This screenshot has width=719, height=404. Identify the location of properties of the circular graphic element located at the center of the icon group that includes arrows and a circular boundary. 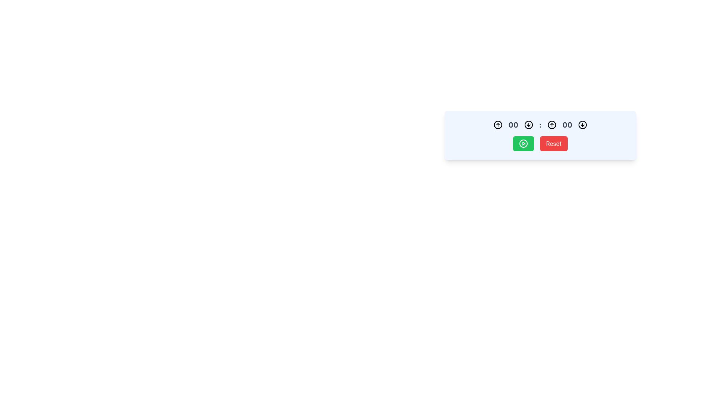
(528, 125).